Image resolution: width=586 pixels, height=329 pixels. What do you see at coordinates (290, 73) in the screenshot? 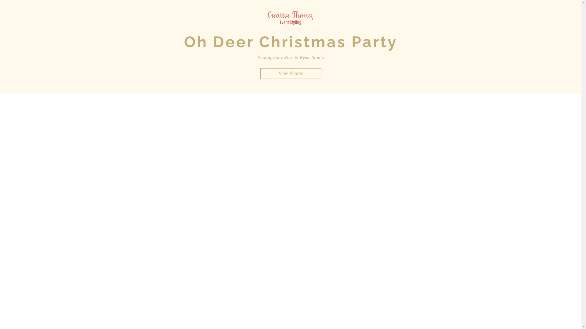
I see `'View Photos'` at bounding box center [290, 73].